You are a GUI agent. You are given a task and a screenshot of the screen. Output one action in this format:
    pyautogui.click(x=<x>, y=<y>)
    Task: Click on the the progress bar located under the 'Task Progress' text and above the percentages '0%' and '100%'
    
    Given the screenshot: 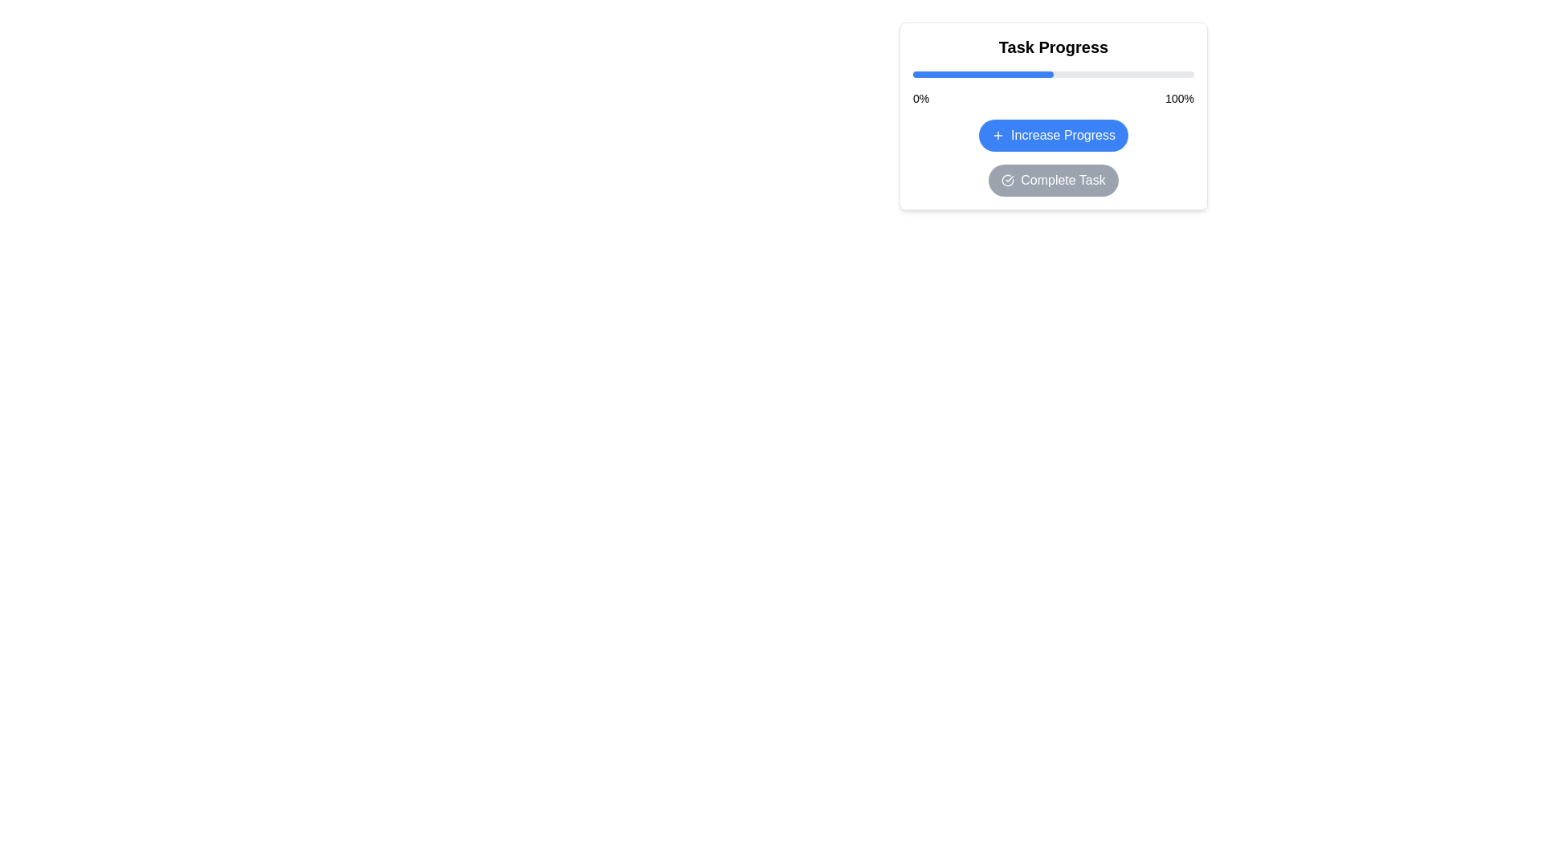 What is the action you would take?
    pyautogui.click(x=1053, y=74)
    